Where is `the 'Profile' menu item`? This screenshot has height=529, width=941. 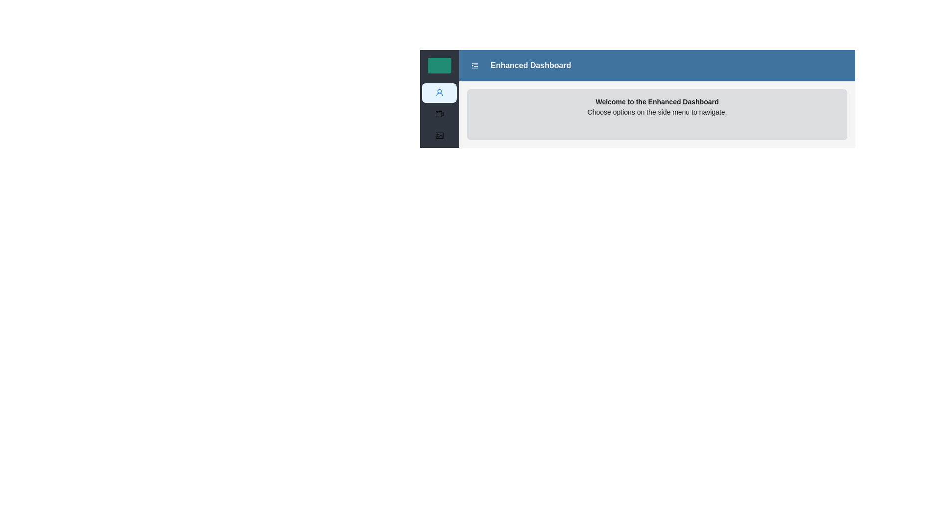
the 'Profile' menu item is located at coordinates (439, 93).